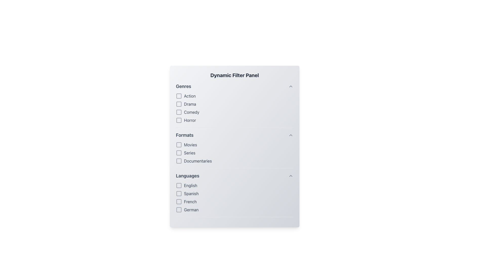 This screenshot has height=273, width=486. Describe the element at coordinates (190, 120) in the screenshot. I see `the 'Horror' label in gray color located in the 'Genres' section of the 'Dynamic Filter Panel', which is the fourth item under the 'Genres' heading` at that location.